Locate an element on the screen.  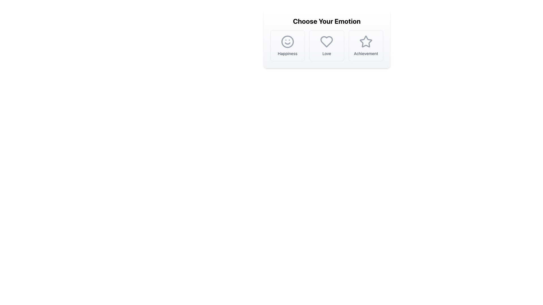
the 'Achievement' button, which is a rounded rectangle containing a star icon and the text label 'Achievement', located under the header 'Choose Your Emotion' is located at coordinates (366, 45).